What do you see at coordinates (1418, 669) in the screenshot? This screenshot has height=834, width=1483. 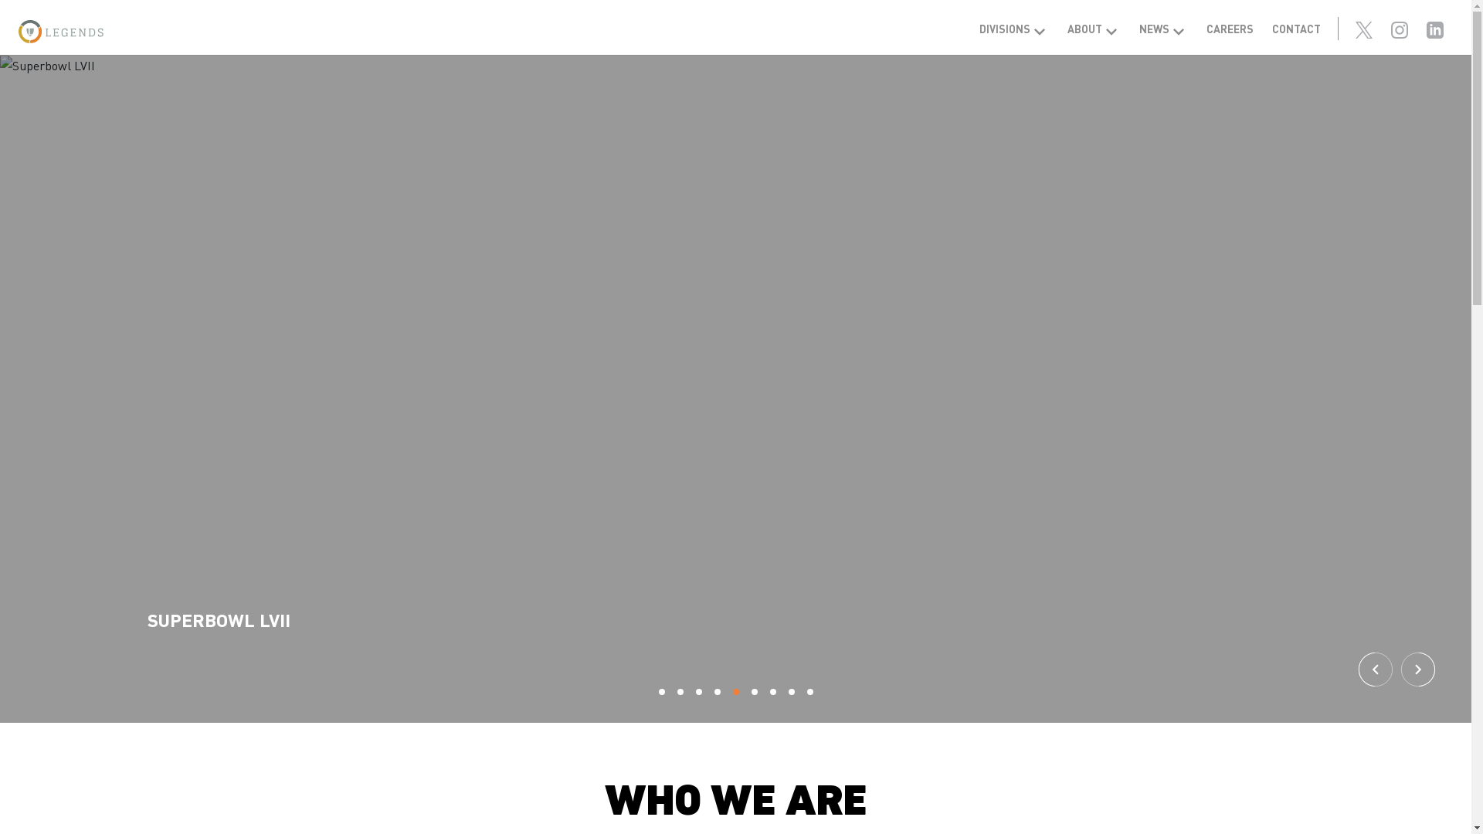 I see `'Next'` at bounding box center [1418, 669].